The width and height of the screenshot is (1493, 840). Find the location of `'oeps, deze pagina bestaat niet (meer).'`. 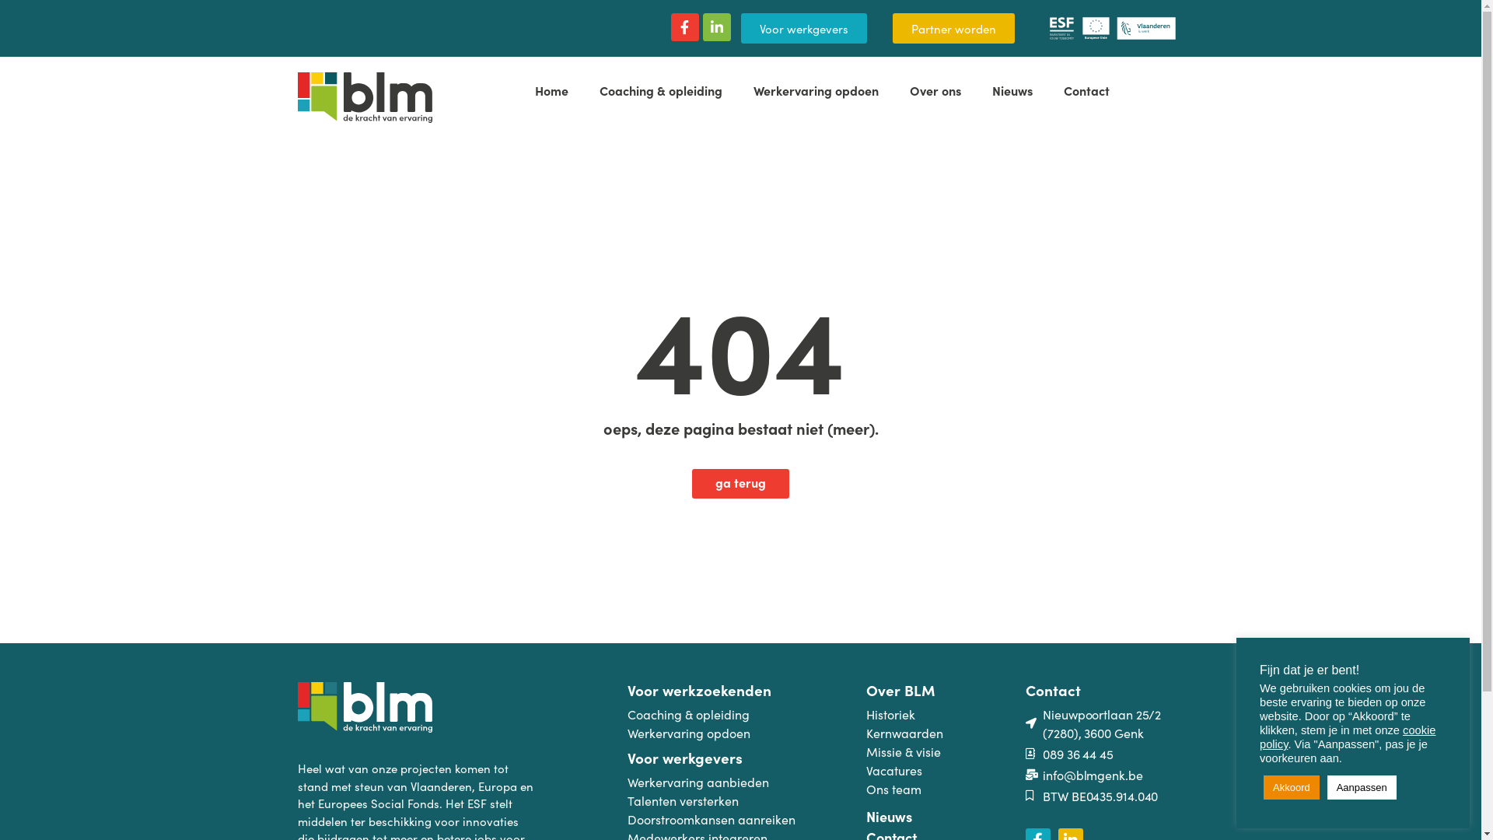

'oeps, deze pagina bestaat niet (meer).' is located at coordinates (740, 428).